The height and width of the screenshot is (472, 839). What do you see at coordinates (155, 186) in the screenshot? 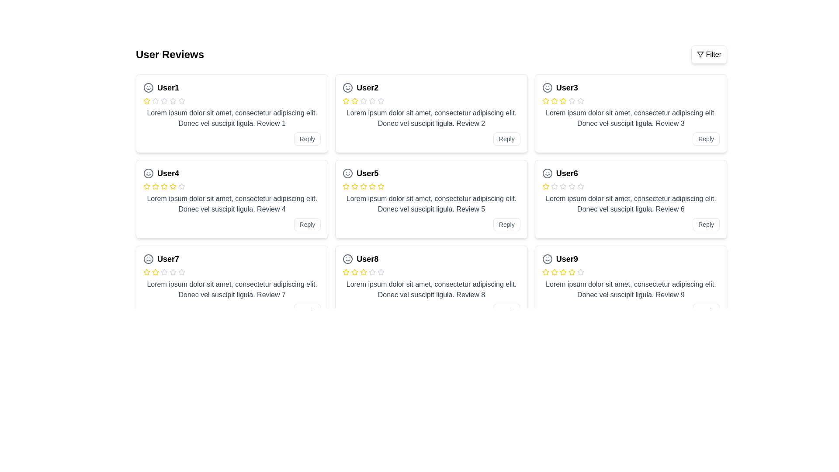
I see `the second star in the five-pointed star rating icon for the review titled 'User4'` at bounding box center [155, 186].